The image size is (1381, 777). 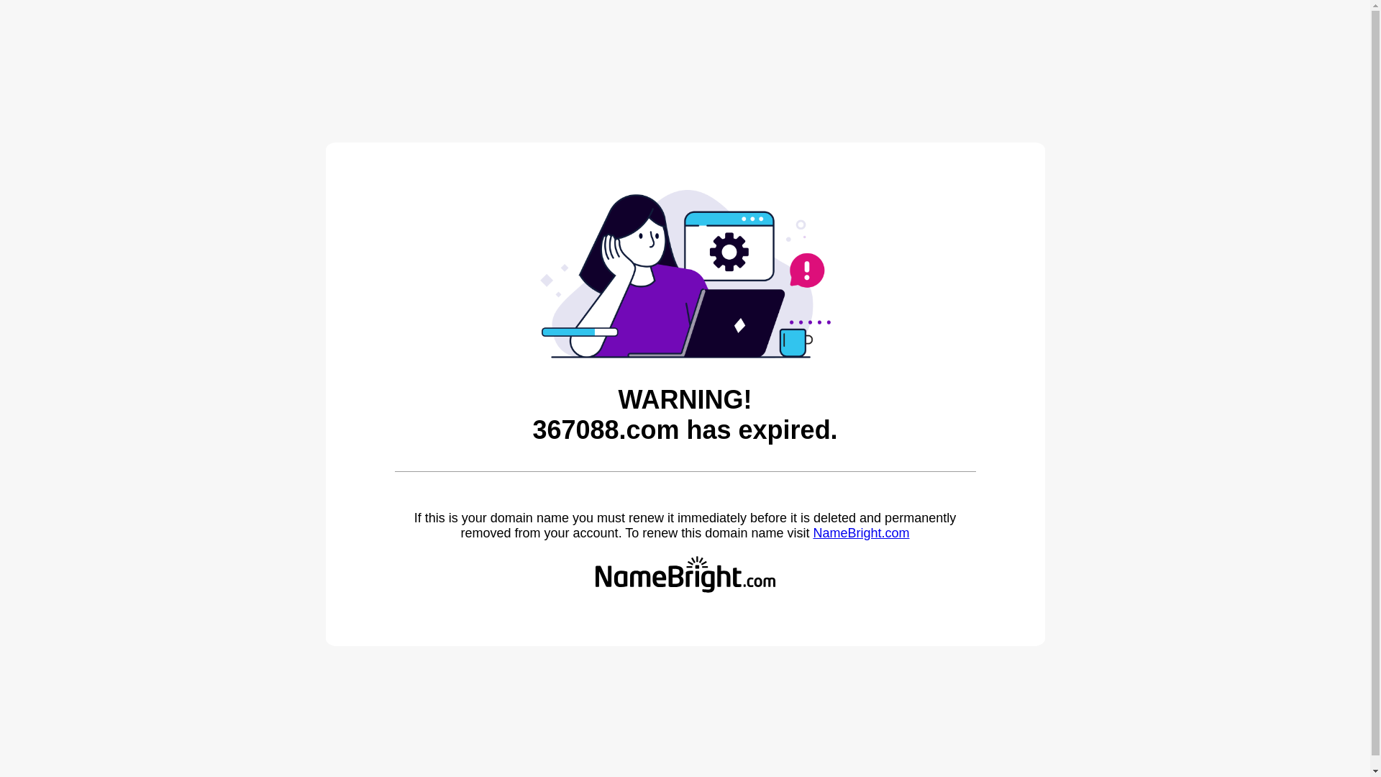 I want to click on 'NameBright.com', so click(x=812, y=532).